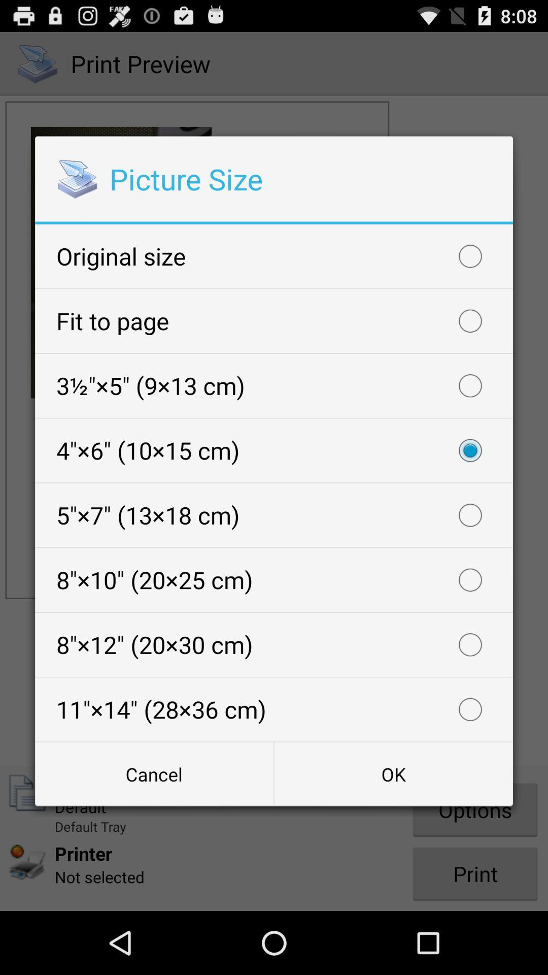 This screenshot has width=548, height=975. What do you see at coordinates (393, 773) in the screenshot?
I see `the item to the right of cancel` at bounding box center [393, 773].